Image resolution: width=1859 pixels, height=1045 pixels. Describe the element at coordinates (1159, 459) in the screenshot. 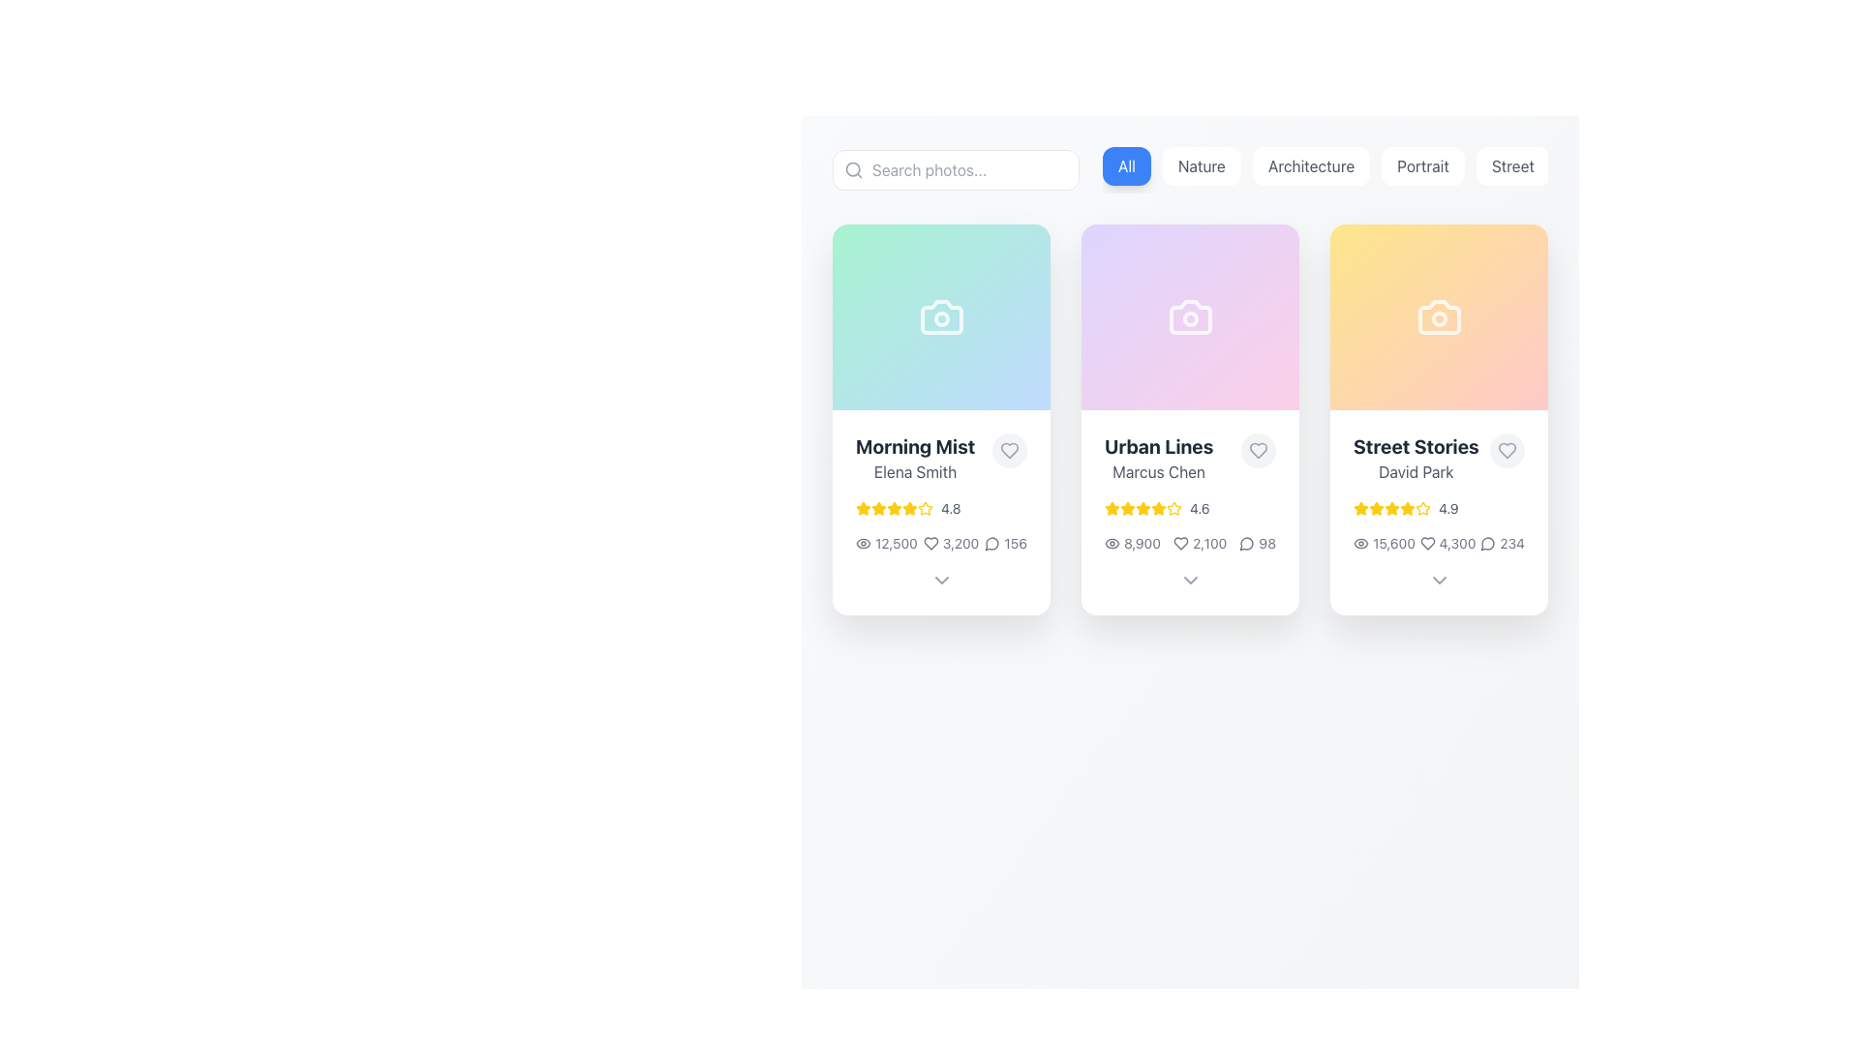

I see `text information displayed in the title and author attribution section of the middle card in a three-card layout, located below the main image placeholder` at that location.